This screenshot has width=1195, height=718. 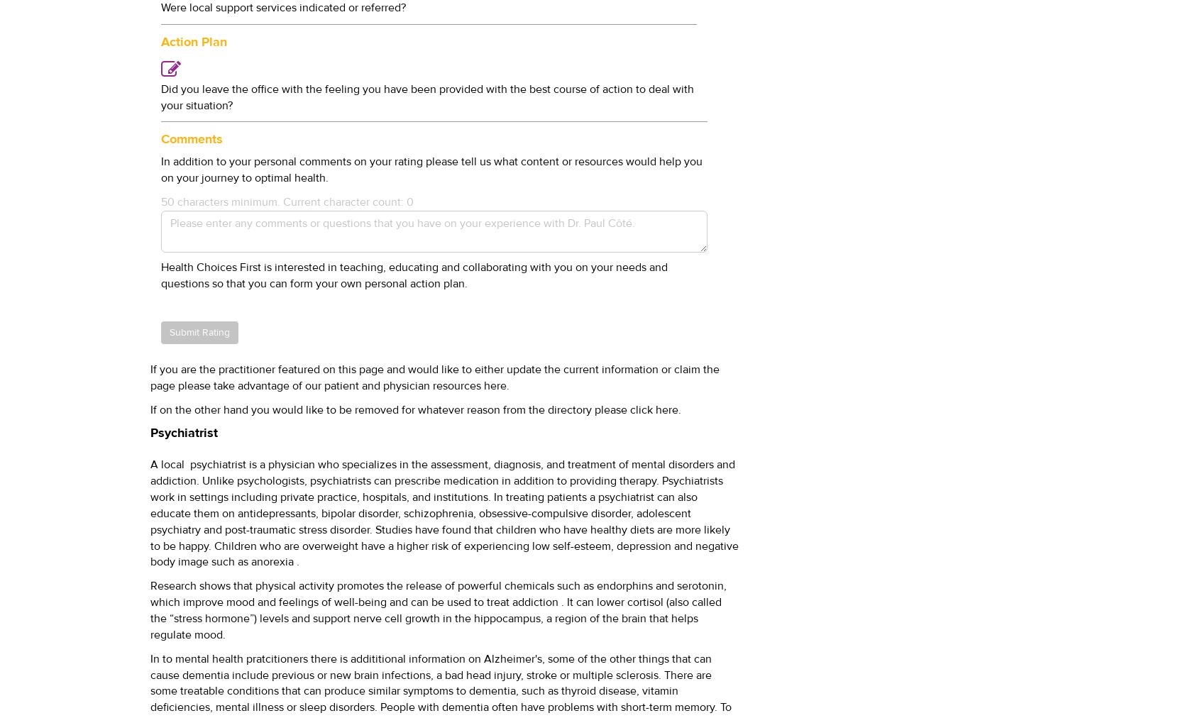 I want to click on 'If on the other hand you would like to be removed for whatever reason from the directory please', so click(x=389, y=409).